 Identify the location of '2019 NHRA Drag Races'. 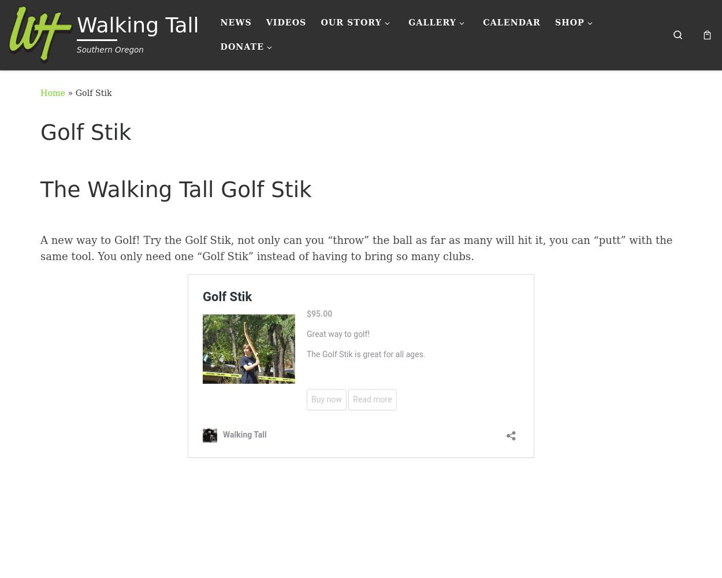
(420, 109).